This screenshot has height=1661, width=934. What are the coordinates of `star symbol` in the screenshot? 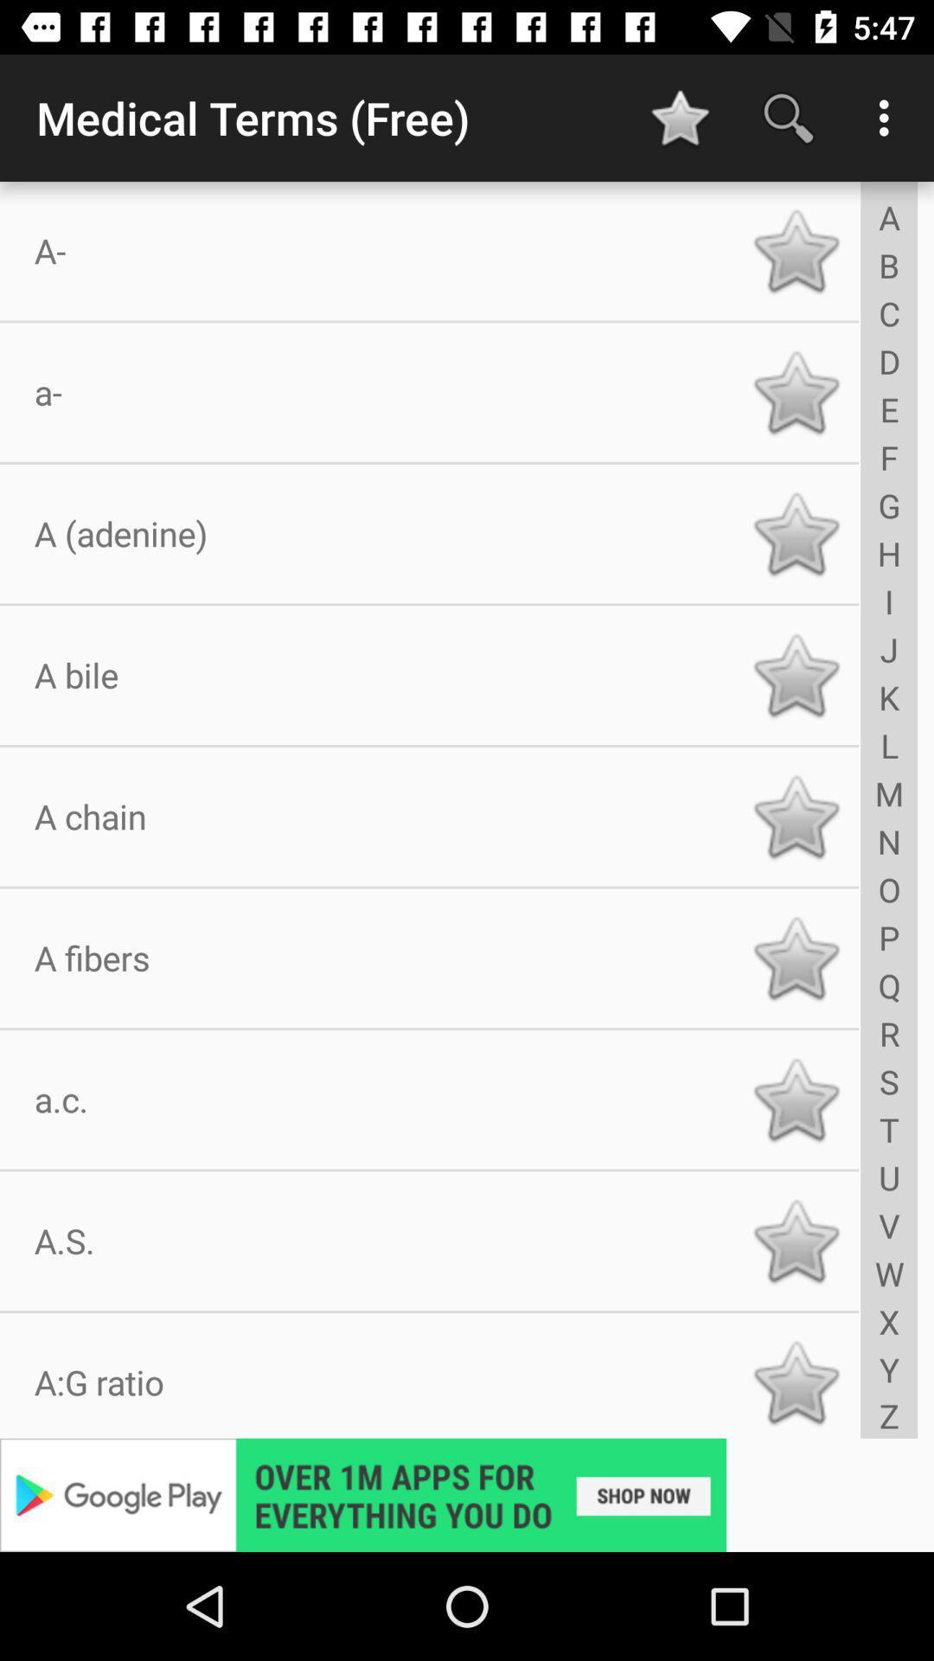 It's located at (796, 674).